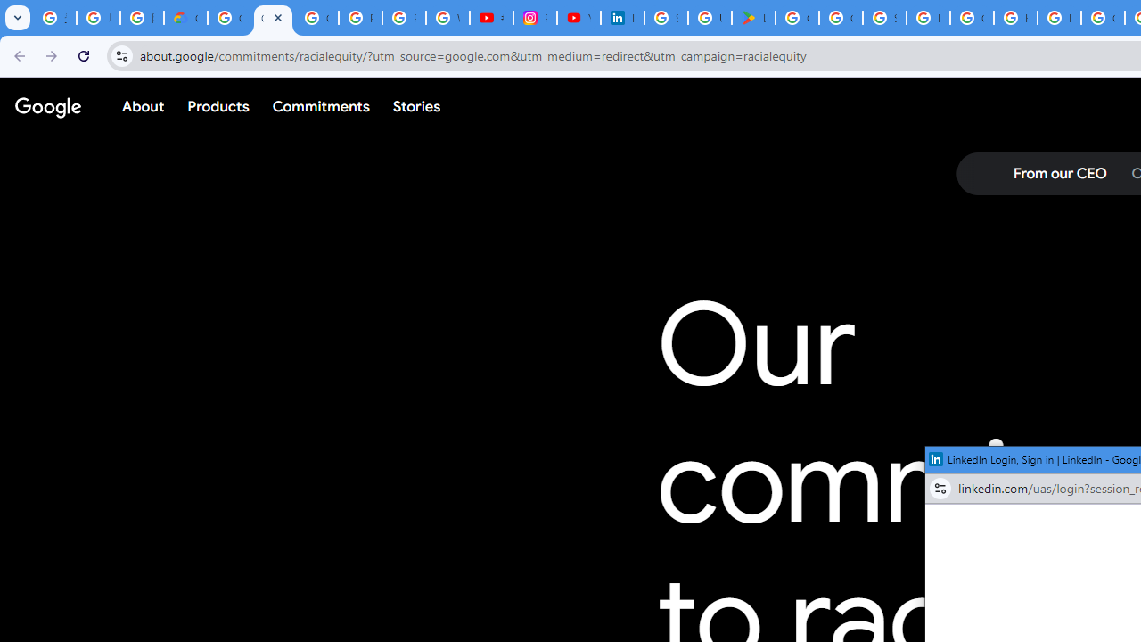  Describe the element at coordinates (48, 106) in the screenshot. I see `'Google'` at that location.